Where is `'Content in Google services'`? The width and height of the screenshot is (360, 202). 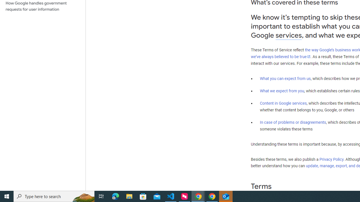
'Content in Google services' is located at coordinates (283, 103).